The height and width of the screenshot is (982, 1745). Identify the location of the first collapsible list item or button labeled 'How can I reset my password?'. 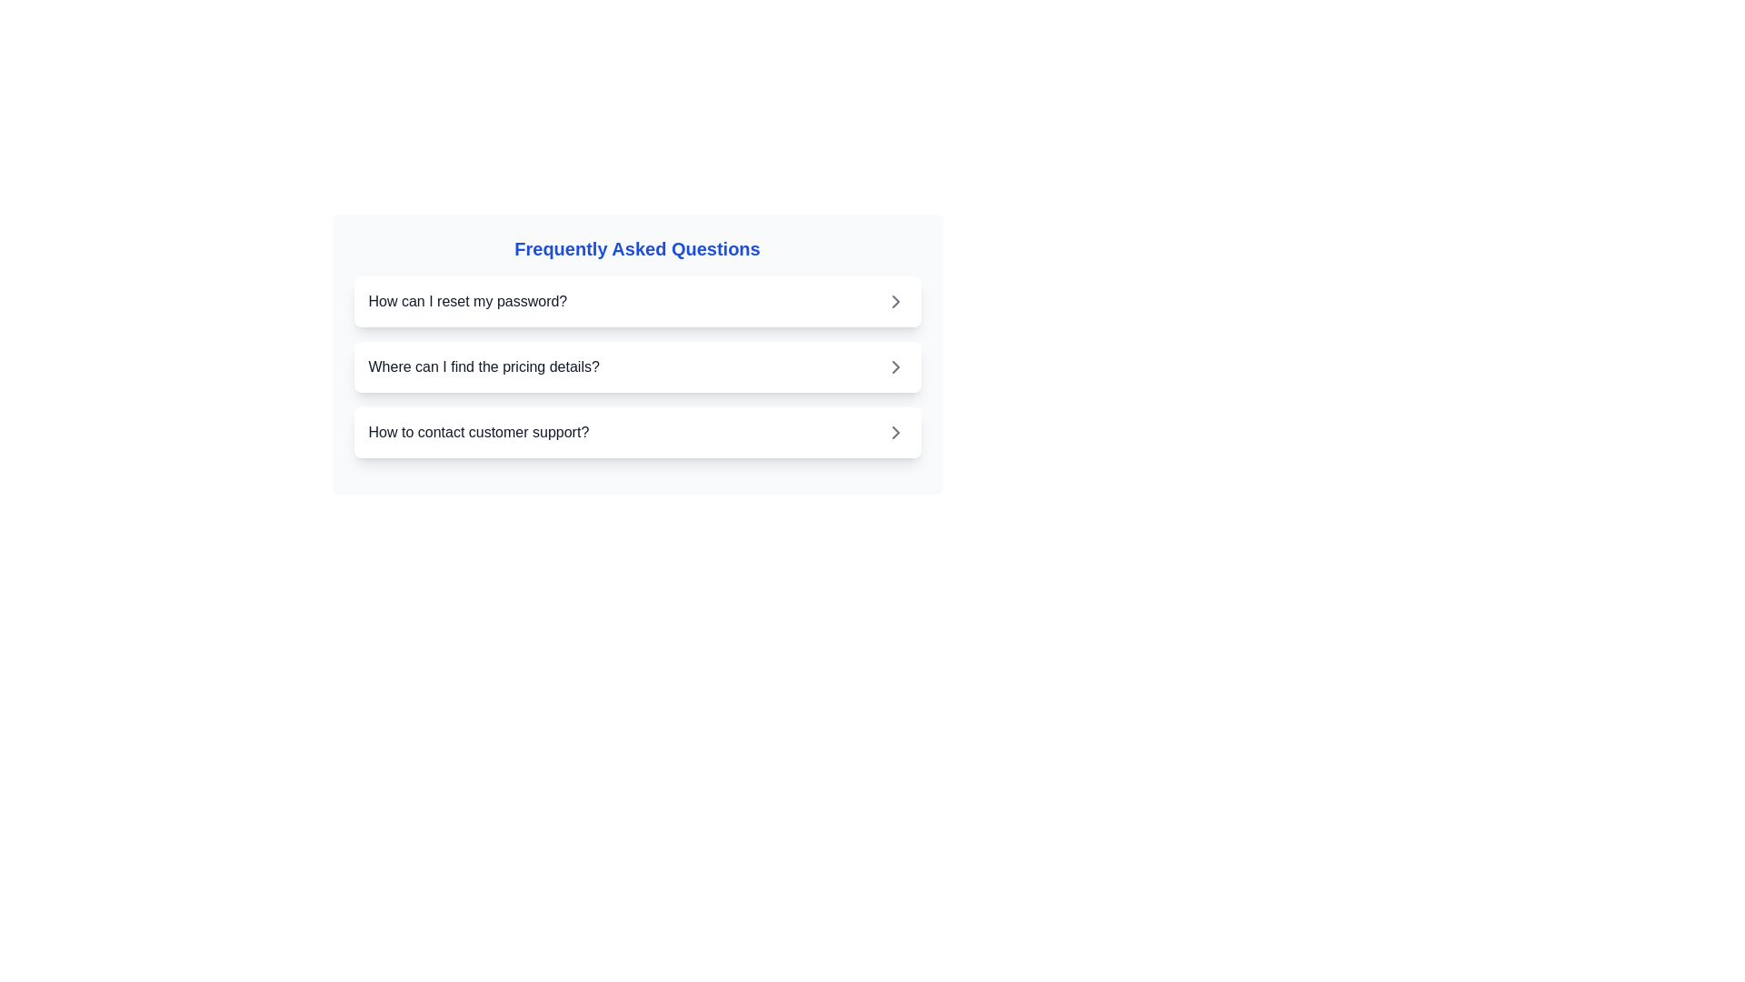
(637, 300).